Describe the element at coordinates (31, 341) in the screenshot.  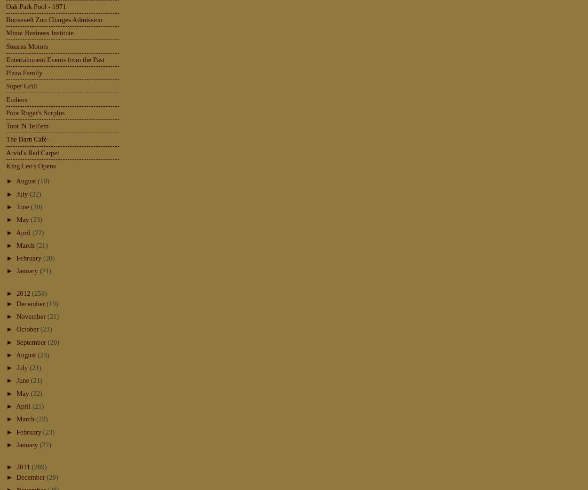
I see `'September'` at that location.